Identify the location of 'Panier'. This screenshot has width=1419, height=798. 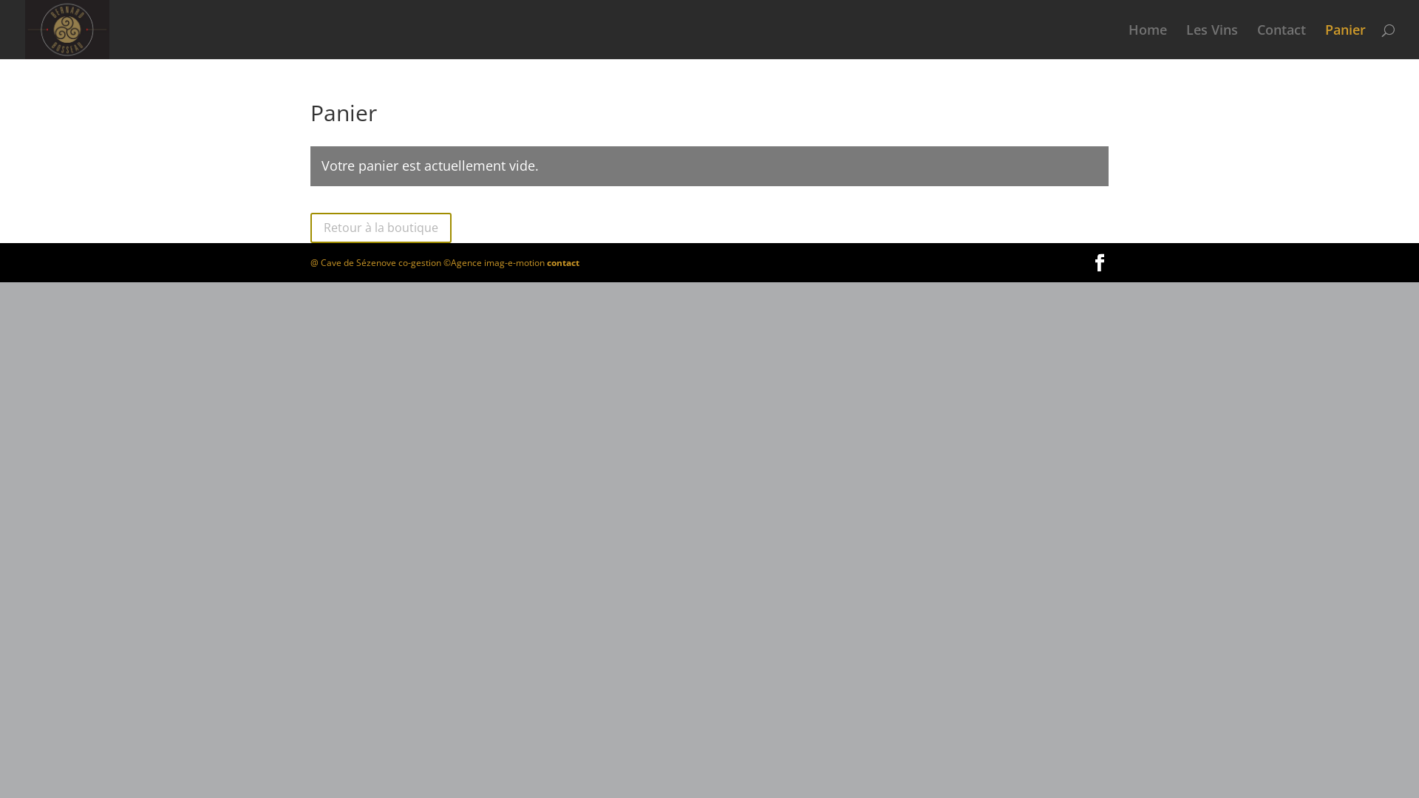
(1345, 41).